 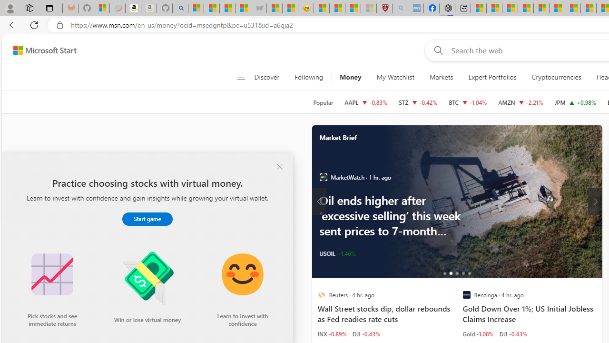 What do you see at coordinates (321, 294) in the screenshot?
I see `'Reuters'` at bounding box center [321, 294].